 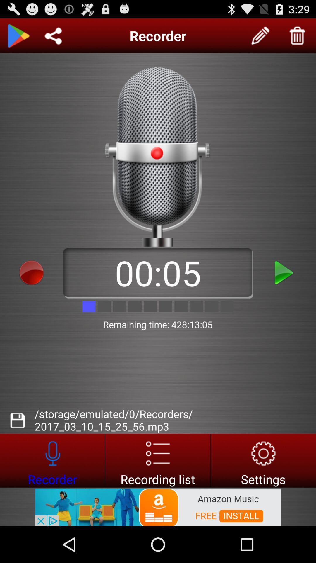 What do you see at coordinates (52, 460) in the screenshot?
I see `button to go to recorder` at bounding box center [52, 460].